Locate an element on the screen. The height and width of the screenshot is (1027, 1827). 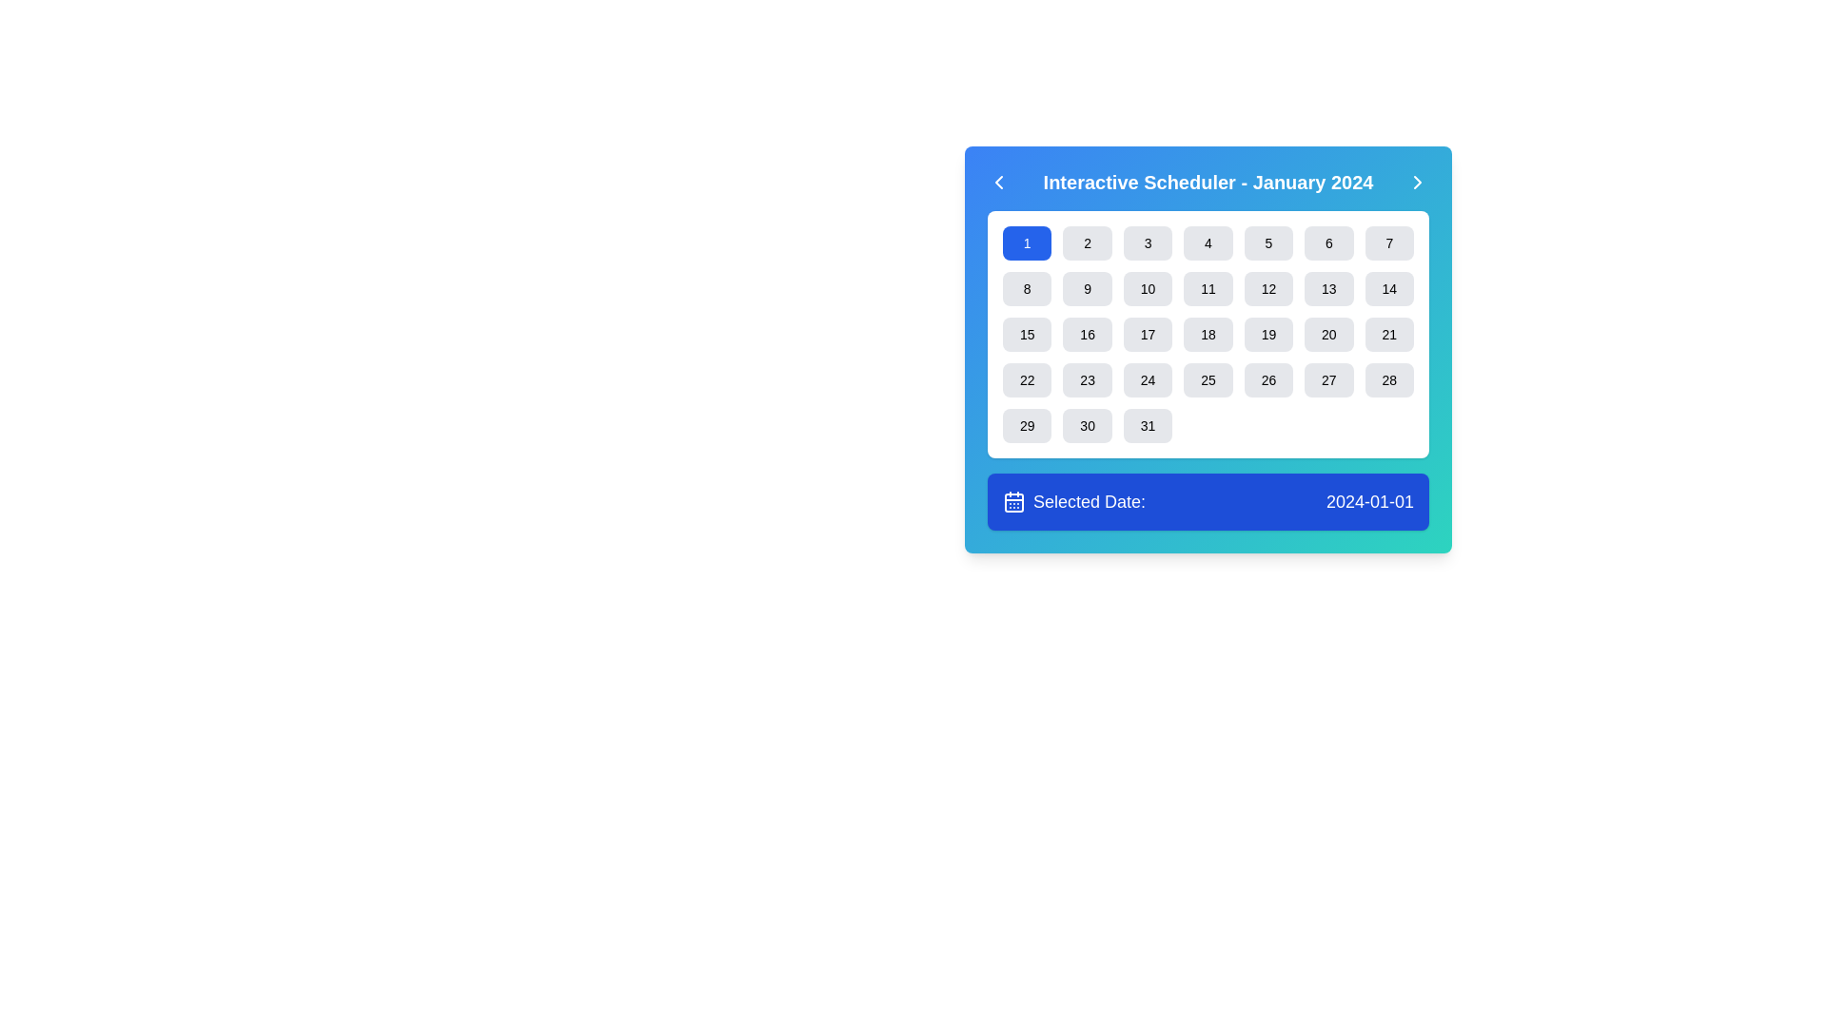
the rounded rectangular button labeled '25' in the fourth row and fourth column of the calendar grid is located at coordinates (1208, 380).